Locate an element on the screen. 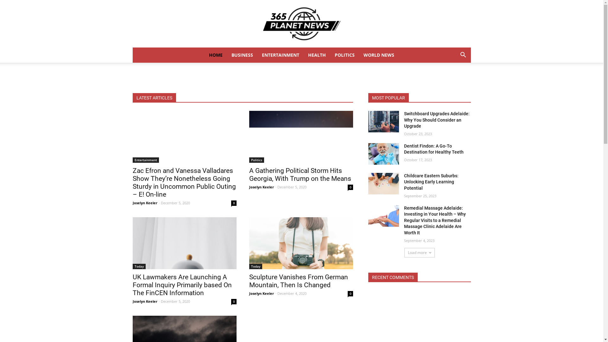 The image size is (608, 342). 'ENTERTAINMENT' is located at coordinates (280, 54).